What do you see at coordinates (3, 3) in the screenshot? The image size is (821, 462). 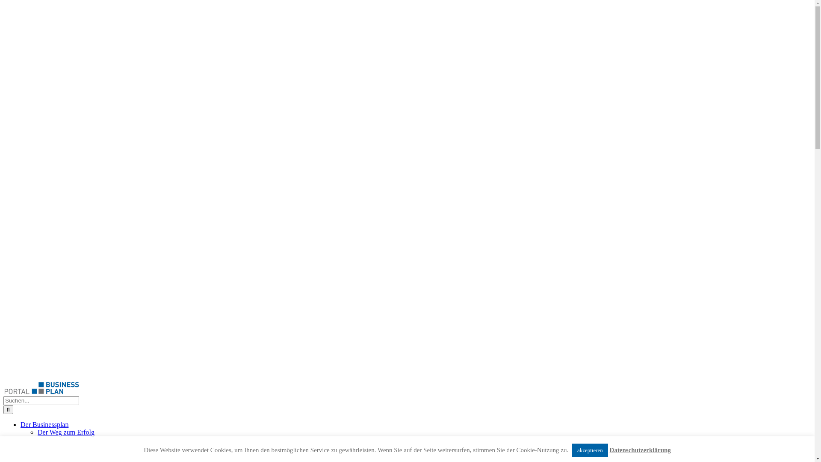 I see `'Zum Inhalt springen'` at bounding box center [3, 3].